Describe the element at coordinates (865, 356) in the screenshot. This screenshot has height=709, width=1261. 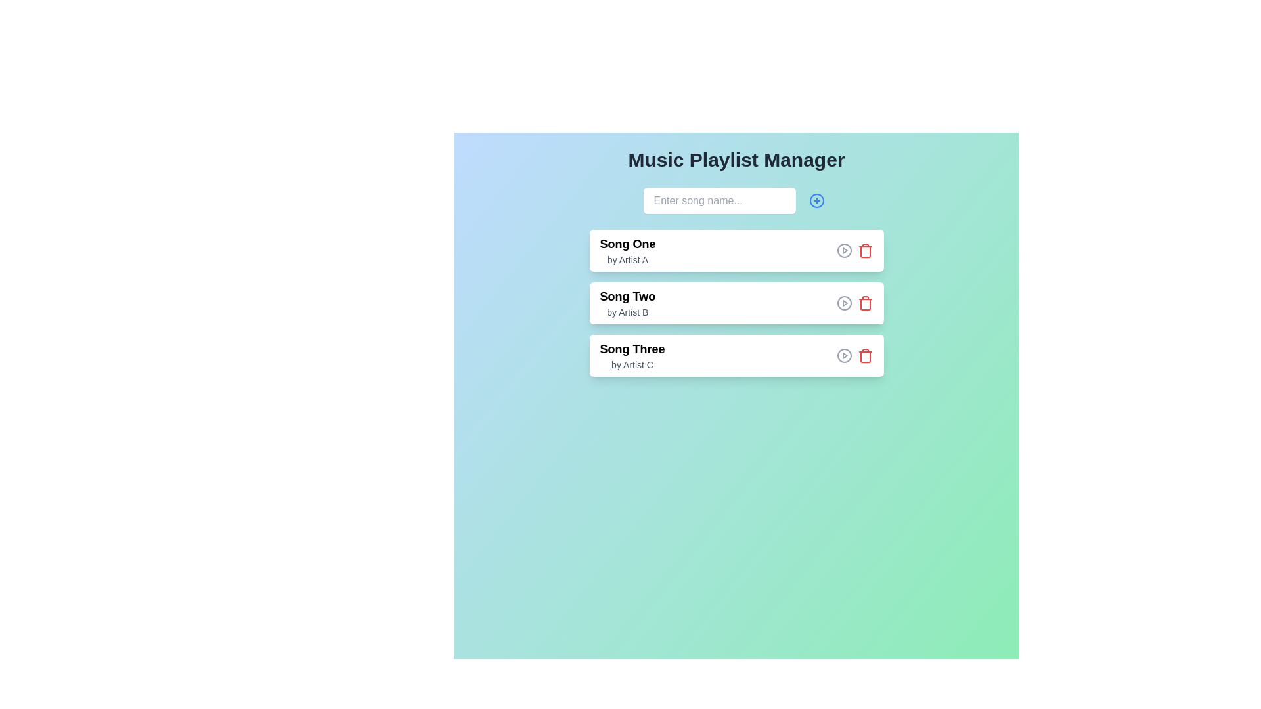
I see `the delete button for 'Song Three' located to the far right of the row containing 'Song Three by Artist C'` at that location.